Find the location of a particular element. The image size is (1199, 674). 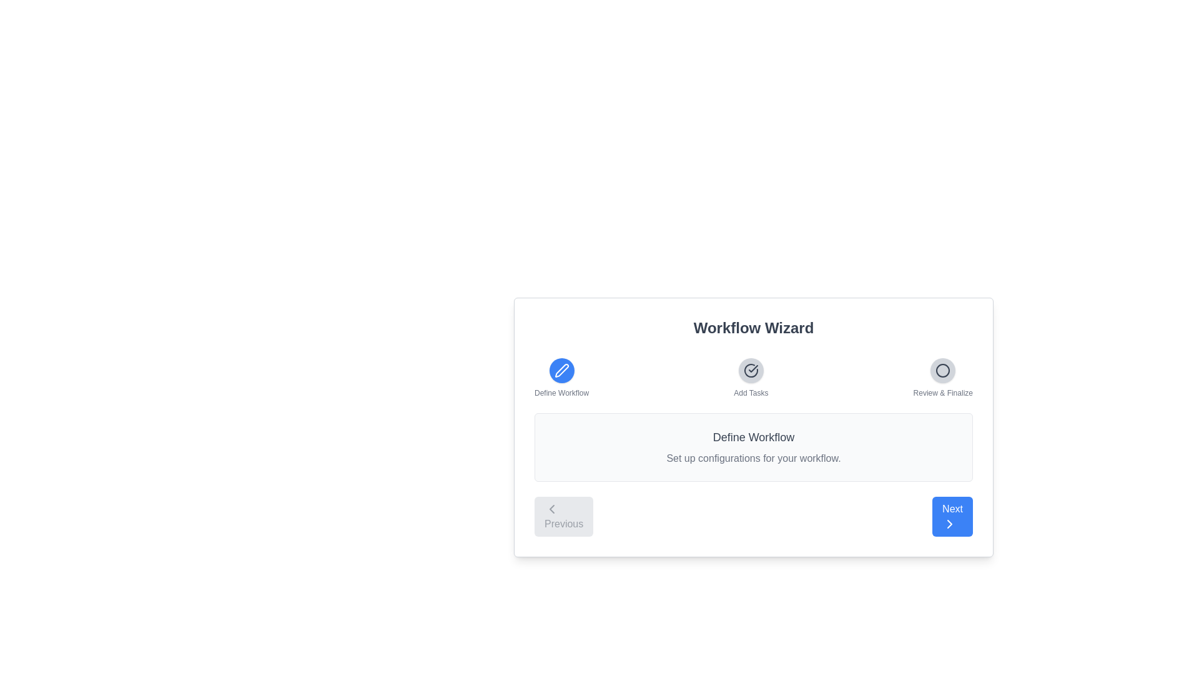

the pen icon representing the 'Define Workflow' step is located at coordinates (561, 370).